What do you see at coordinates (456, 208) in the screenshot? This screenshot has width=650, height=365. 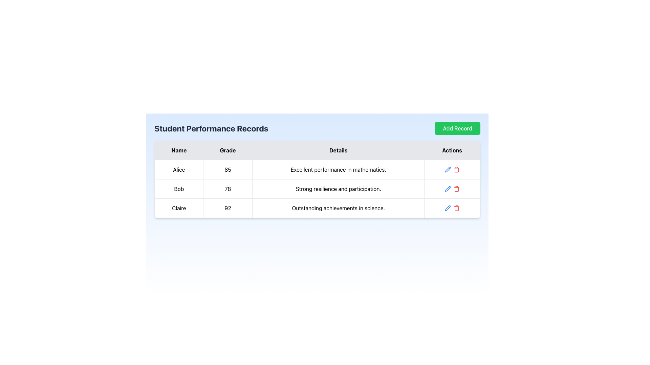 I see `the trash can icon representing the delete action located in the third row under the 'Actions' column for the user 'Claire'` at bounding box center [456, 208].